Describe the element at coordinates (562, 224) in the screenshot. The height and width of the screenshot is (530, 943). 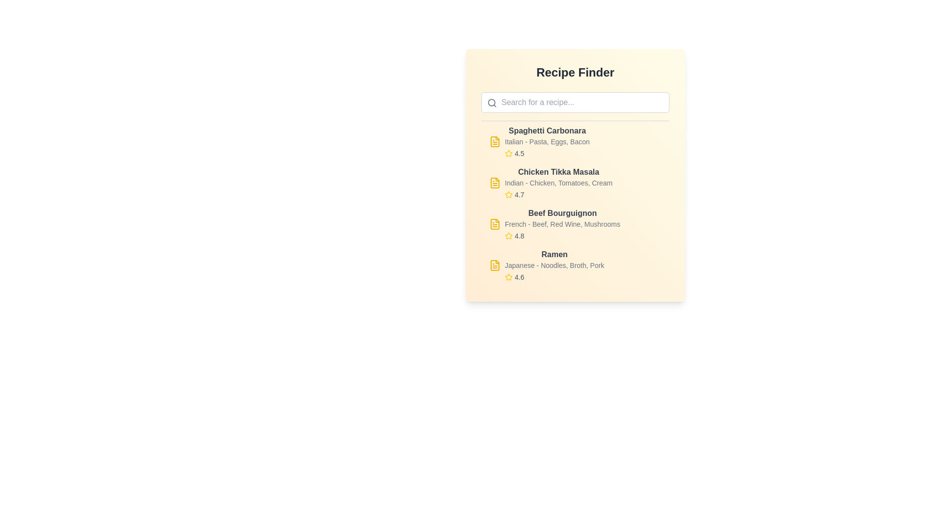
I see `the text label that provides dietary information for the 'Beef Bourguignon' title, located below the title and above the rating indicator` at that location.